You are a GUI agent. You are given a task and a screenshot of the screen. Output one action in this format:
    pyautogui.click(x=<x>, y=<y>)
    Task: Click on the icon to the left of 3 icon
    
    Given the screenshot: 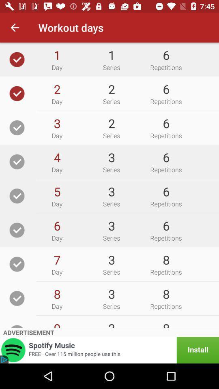 What is the action you would take?
    pyautogui.click(x=56, y=259)
    